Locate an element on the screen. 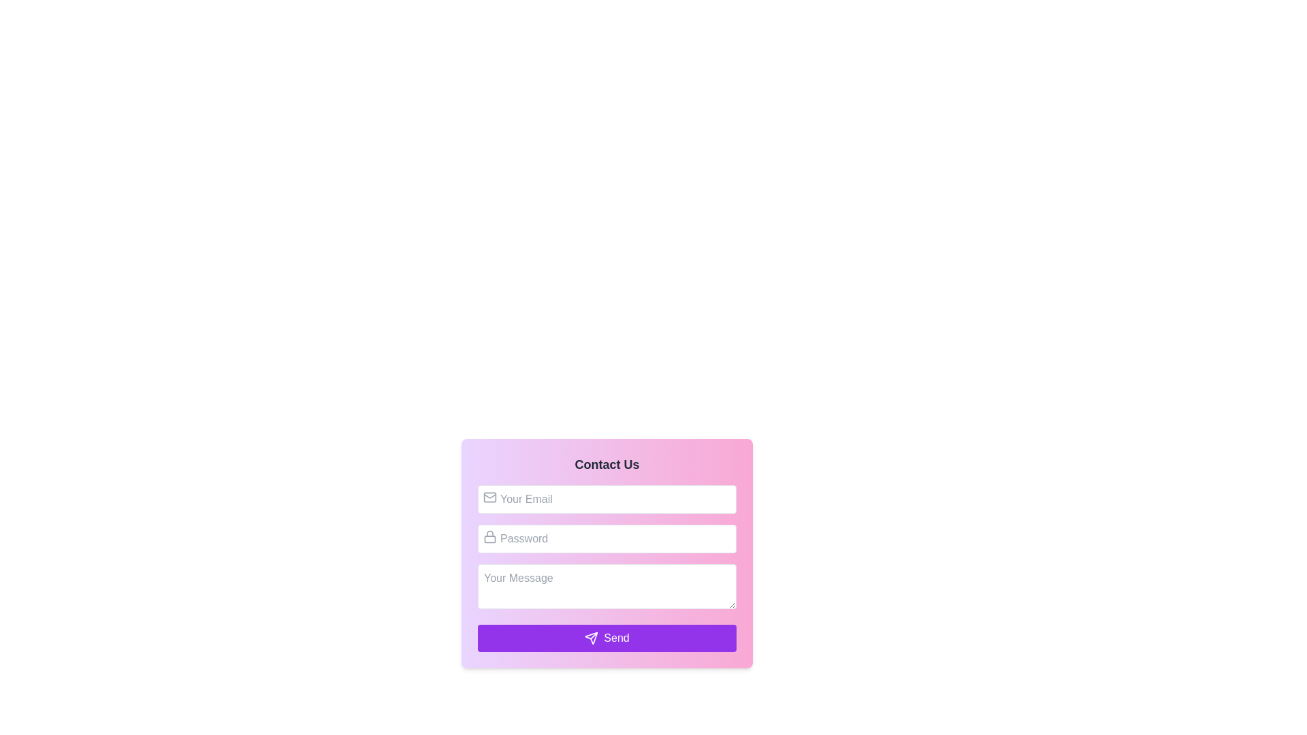 This screenshot has width=1307, height=735. the decorative email icon located inside the email input field, adjacent to the left edge is located at coordinates (490, 497).